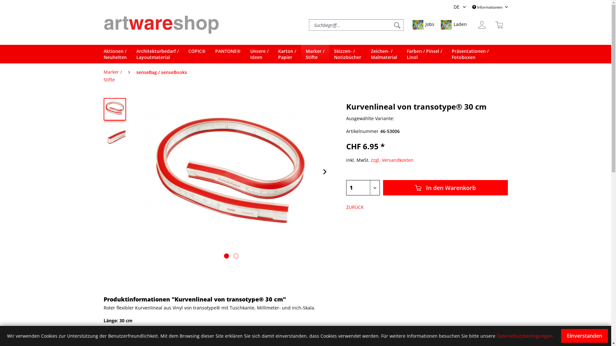 The height and width of the screenshot is (346, 616). What do you see at coordinates (287, 54) in the screenshot?
I see `'Karton /` at bounding box center [287, 54].